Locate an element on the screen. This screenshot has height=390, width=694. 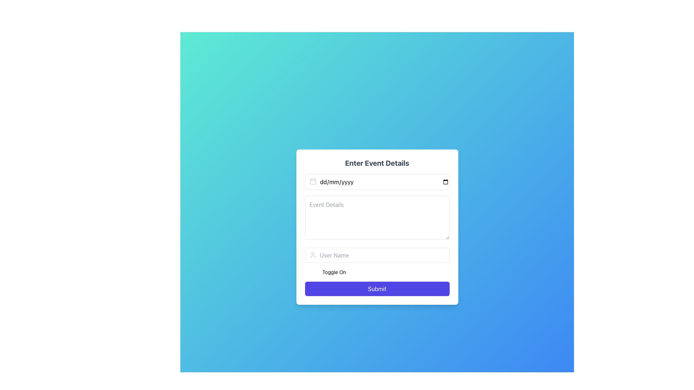
the textarea for entering event details to focus on it is located at coordinates (377, 218).